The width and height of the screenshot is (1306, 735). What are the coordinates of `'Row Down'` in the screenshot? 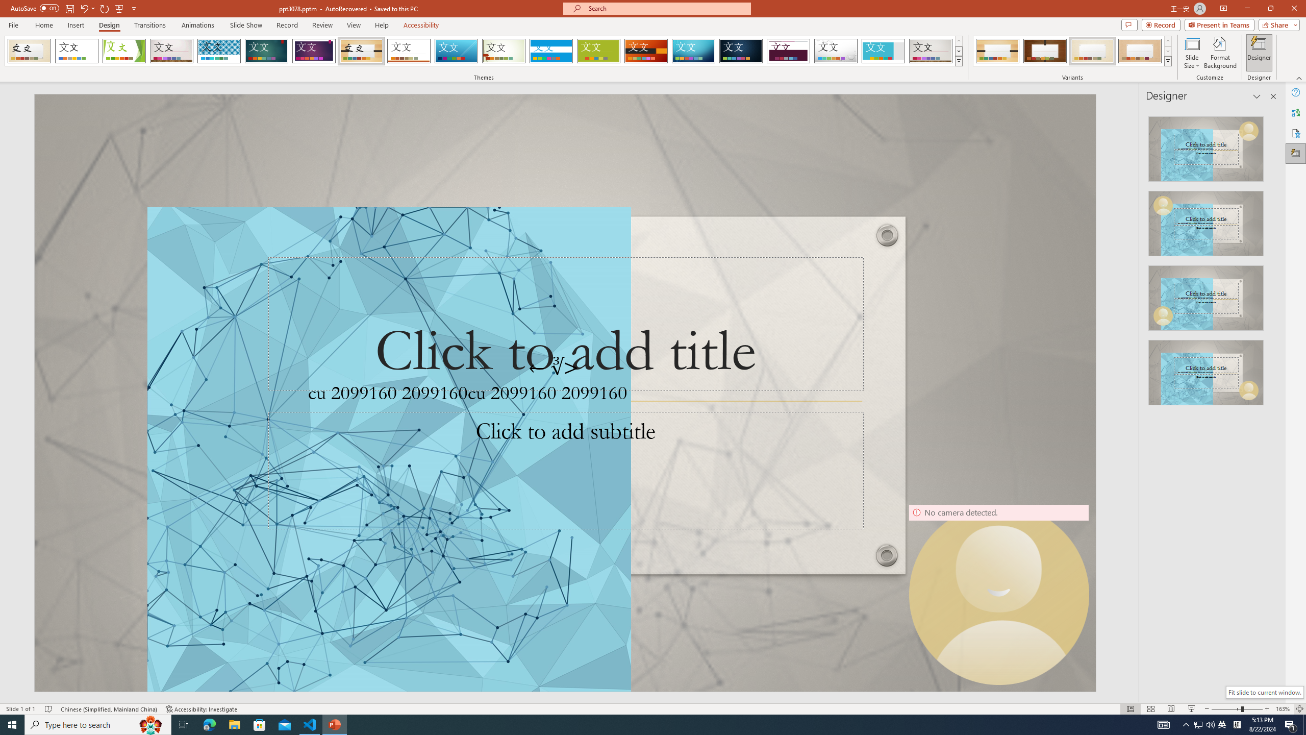 It's located at (1167, 51).